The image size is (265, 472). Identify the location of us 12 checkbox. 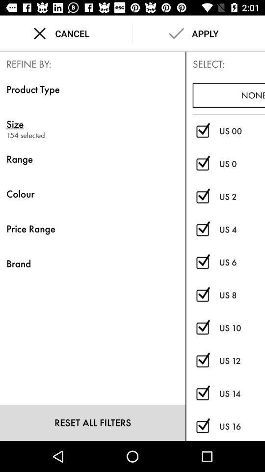
(202, 360).